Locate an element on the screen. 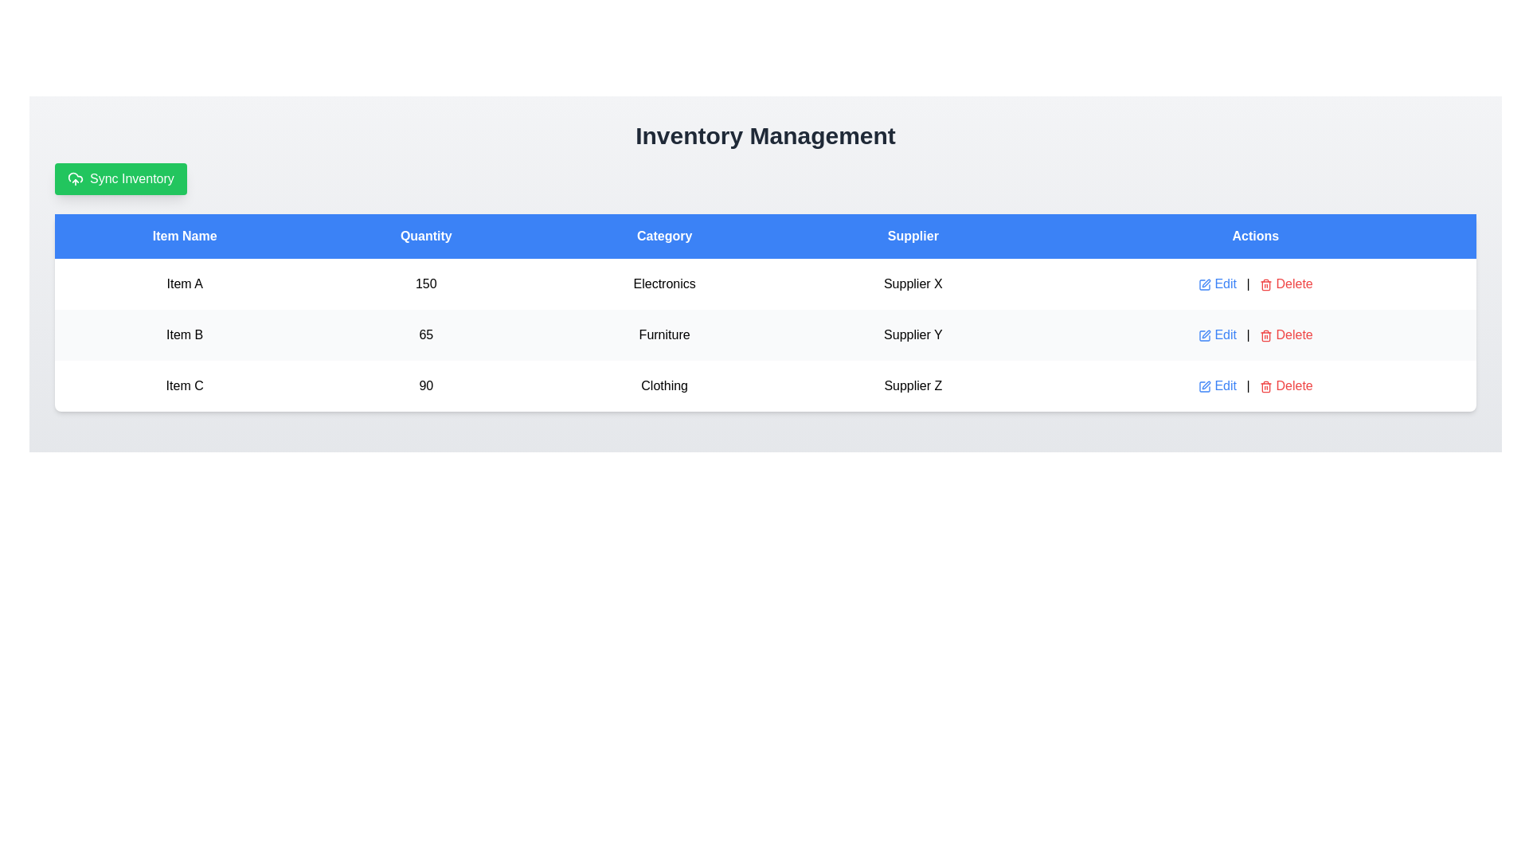 The height and width of the screenshot is (860, 1529). the 'Furniture' text label located in the third column of the second row under the 'Category' header is located at coordinates (664, 334).